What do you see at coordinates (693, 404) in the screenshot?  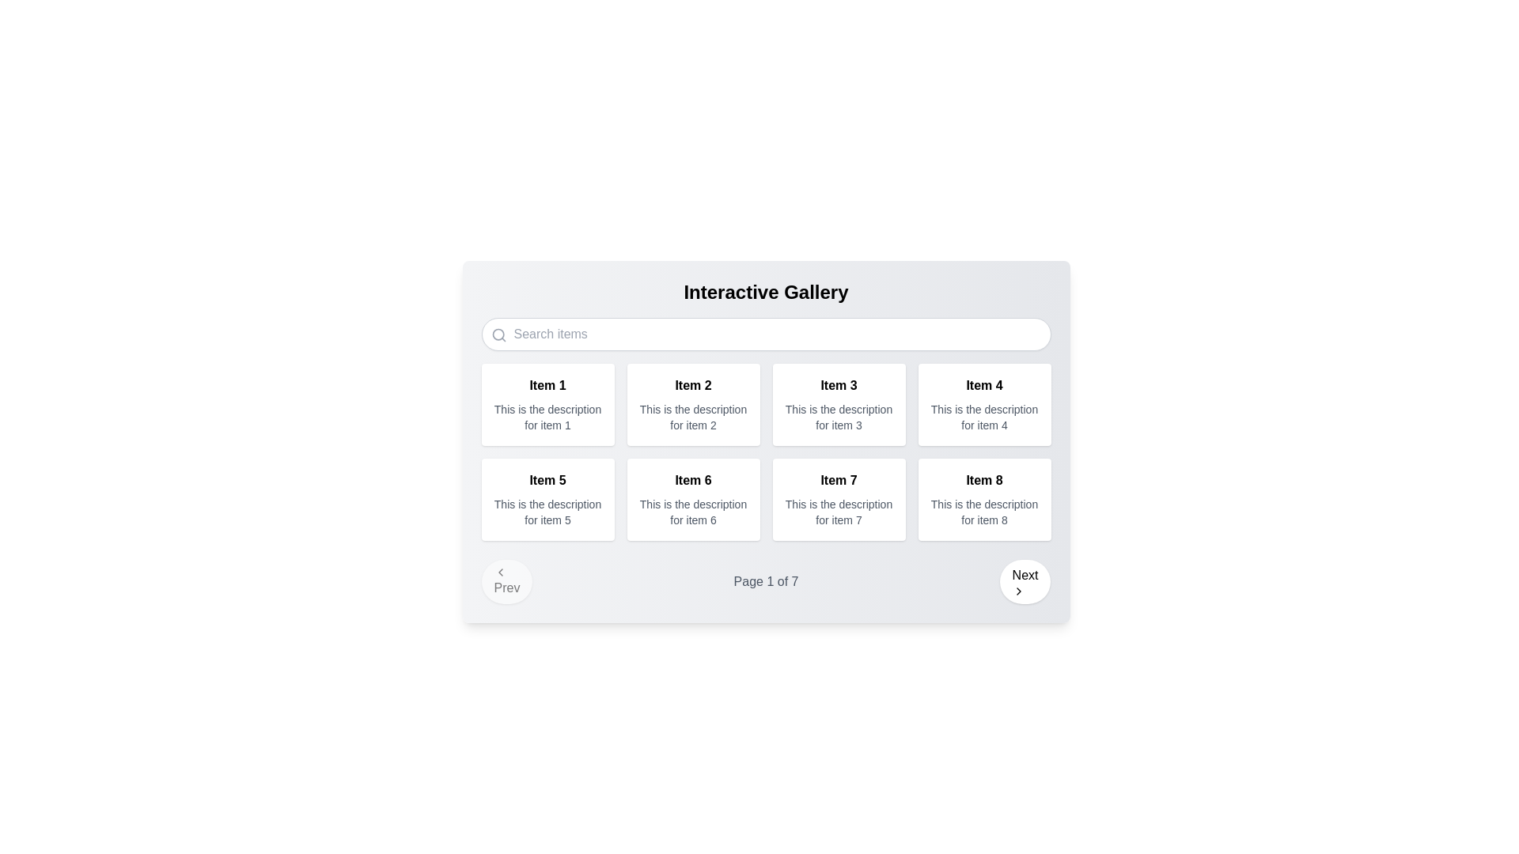 I see `display card for 'Item 2', which is the second card in a grid layout, positioned in the top row and second column, located between 'Item 1' and 'Item 3'` at bounding box center [693, 404].